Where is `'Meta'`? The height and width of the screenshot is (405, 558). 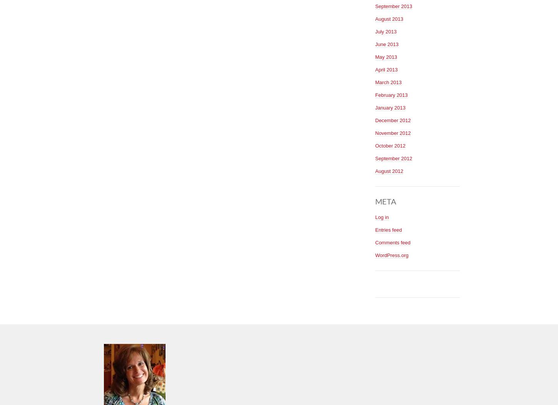
'Meta' is located at coordinates (386, 200).